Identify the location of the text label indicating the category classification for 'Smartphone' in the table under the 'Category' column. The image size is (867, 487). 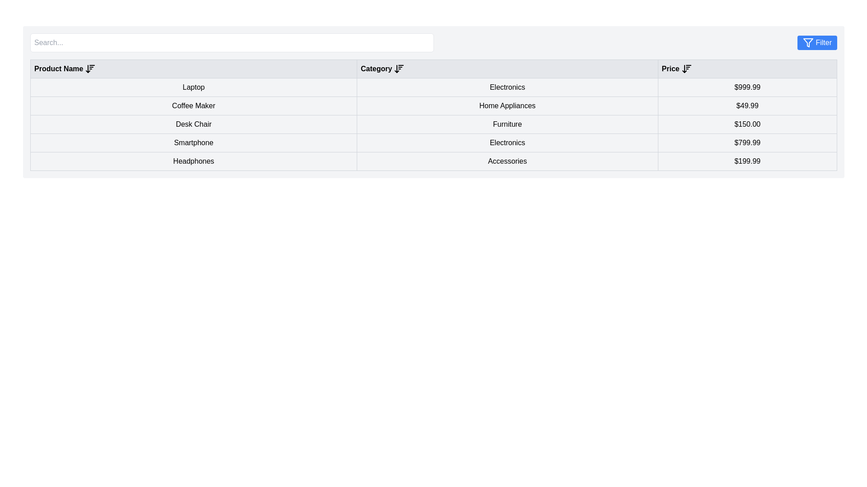
(507, 142).